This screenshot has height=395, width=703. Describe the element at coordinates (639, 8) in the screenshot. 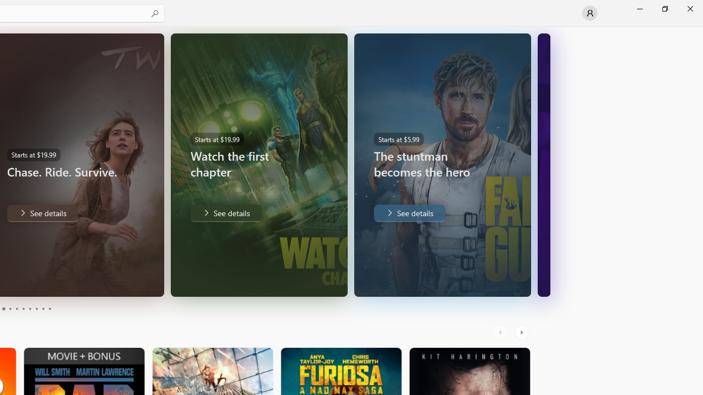

I see `'Minimize Microsoft Store'` at that location.